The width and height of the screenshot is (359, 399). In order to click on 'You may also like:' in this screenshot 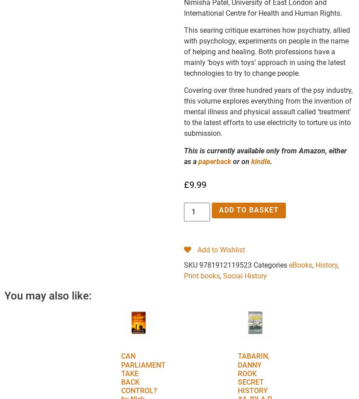, I will do `click(48, 295)`.